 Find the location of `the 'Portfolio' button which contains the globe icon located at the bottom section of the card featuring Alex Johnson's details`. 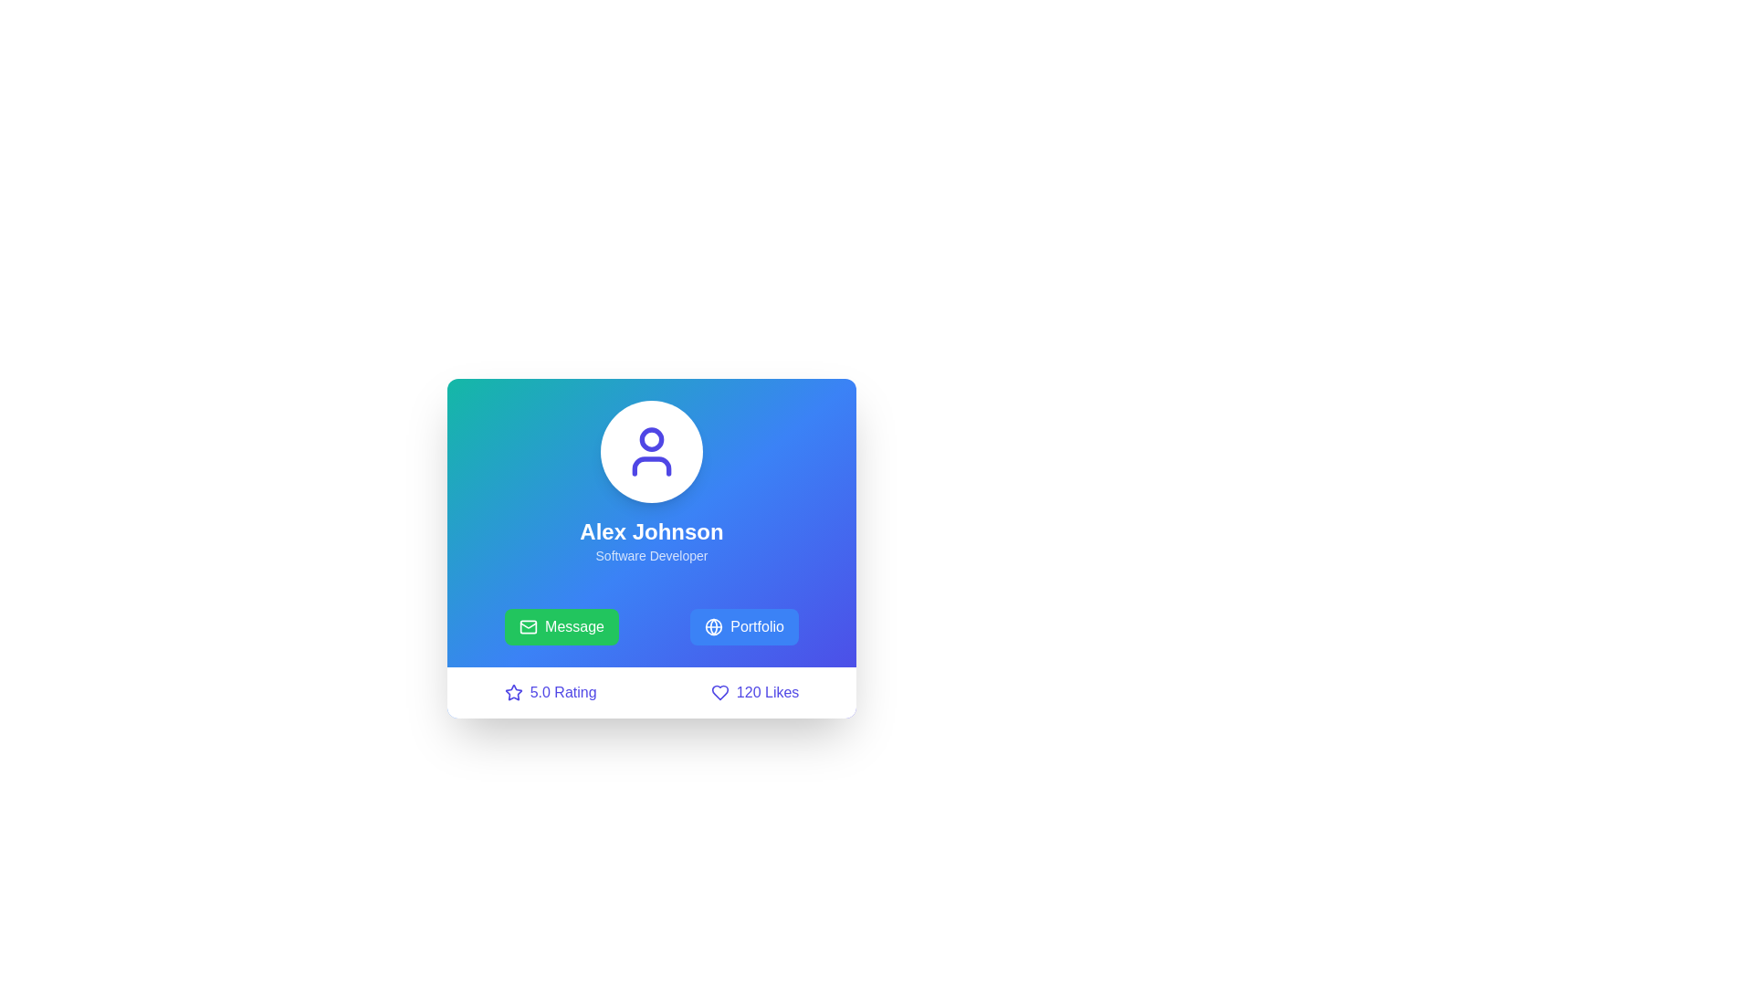

the 'Portfolio' button which contains the globe icon located at the bottom section of the card featuring Alex Johnson's details is located at coordinates (713, 625).